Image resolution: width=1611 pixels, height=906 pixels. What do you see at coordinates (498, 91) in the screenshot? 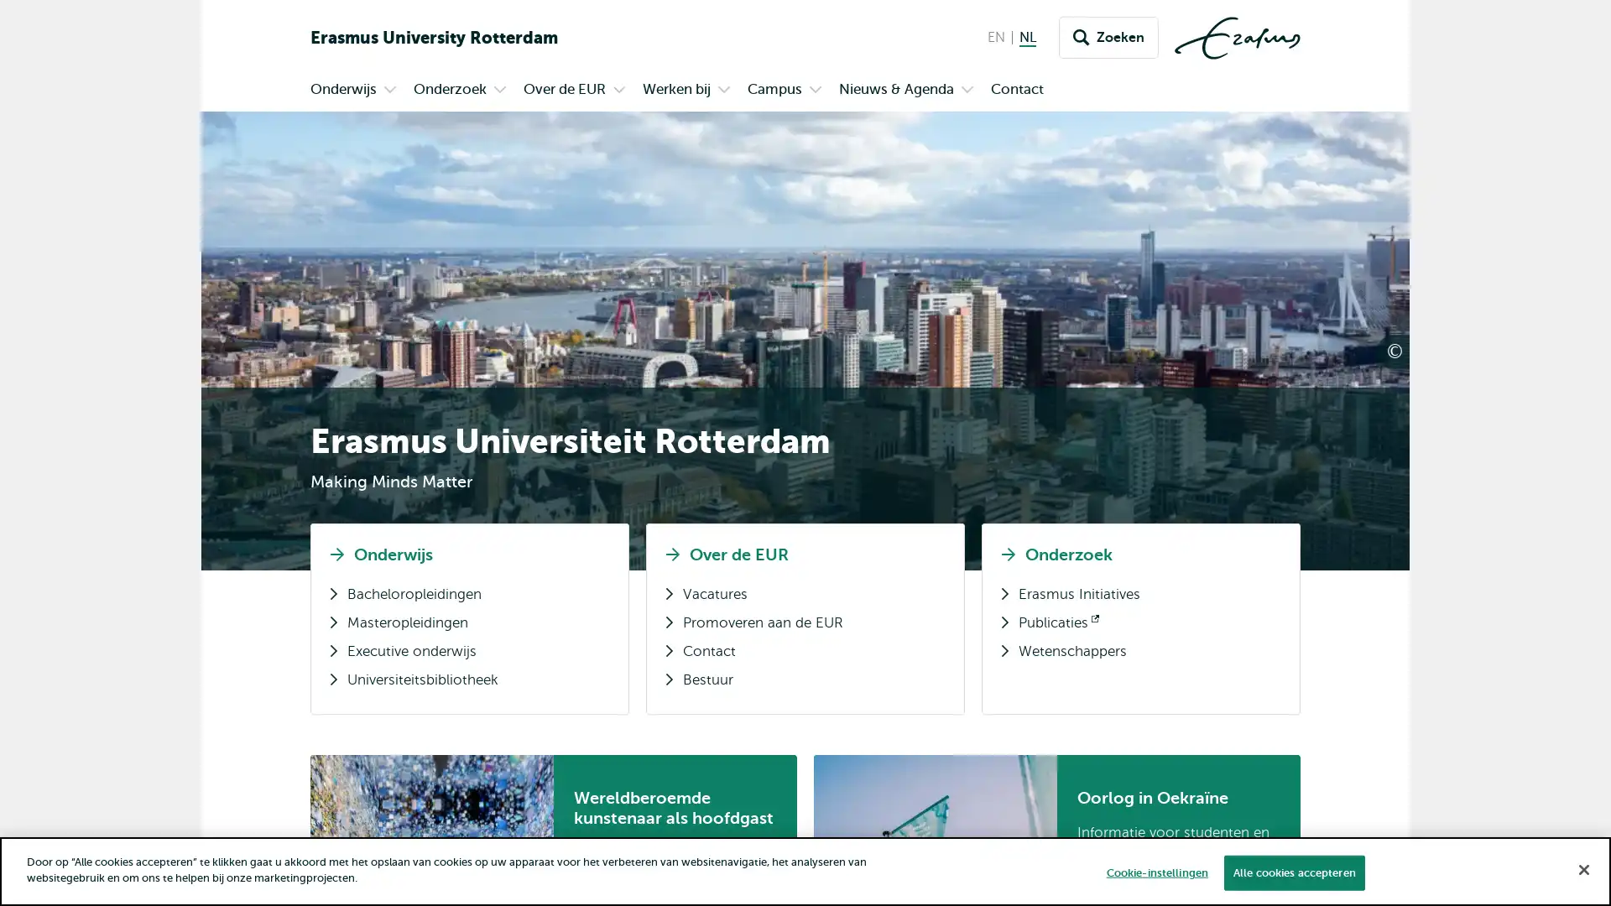
I see `Open submenu` at bounding box center [498, 91].